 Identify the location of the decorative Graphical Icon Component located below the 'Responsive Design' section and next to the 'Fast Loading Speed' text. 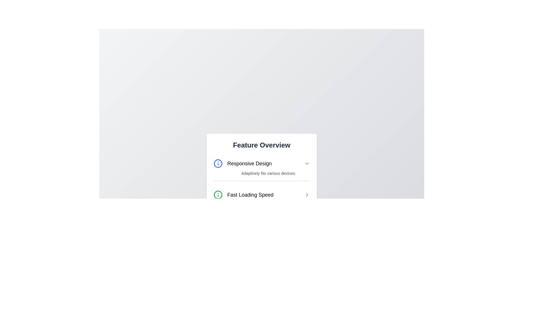
(218, 194).